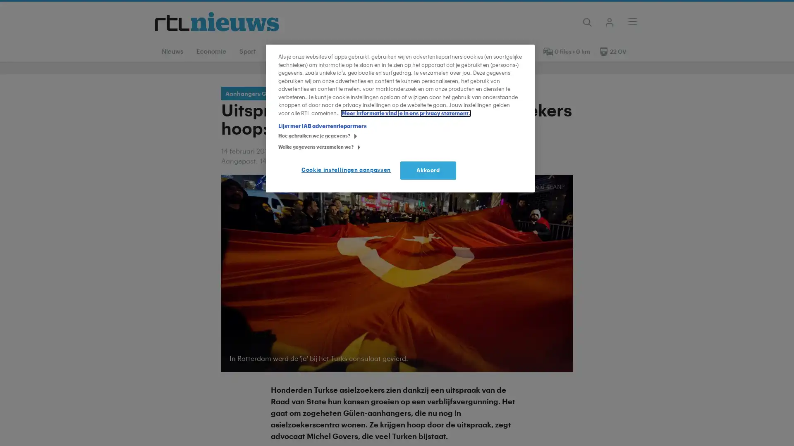 This screenshot has width=794, height=446. What do you see at coordinates (281, 147) in the screenshot?
I see `Welke gegevens verzamelen we?` at bounding box center [281, 147].